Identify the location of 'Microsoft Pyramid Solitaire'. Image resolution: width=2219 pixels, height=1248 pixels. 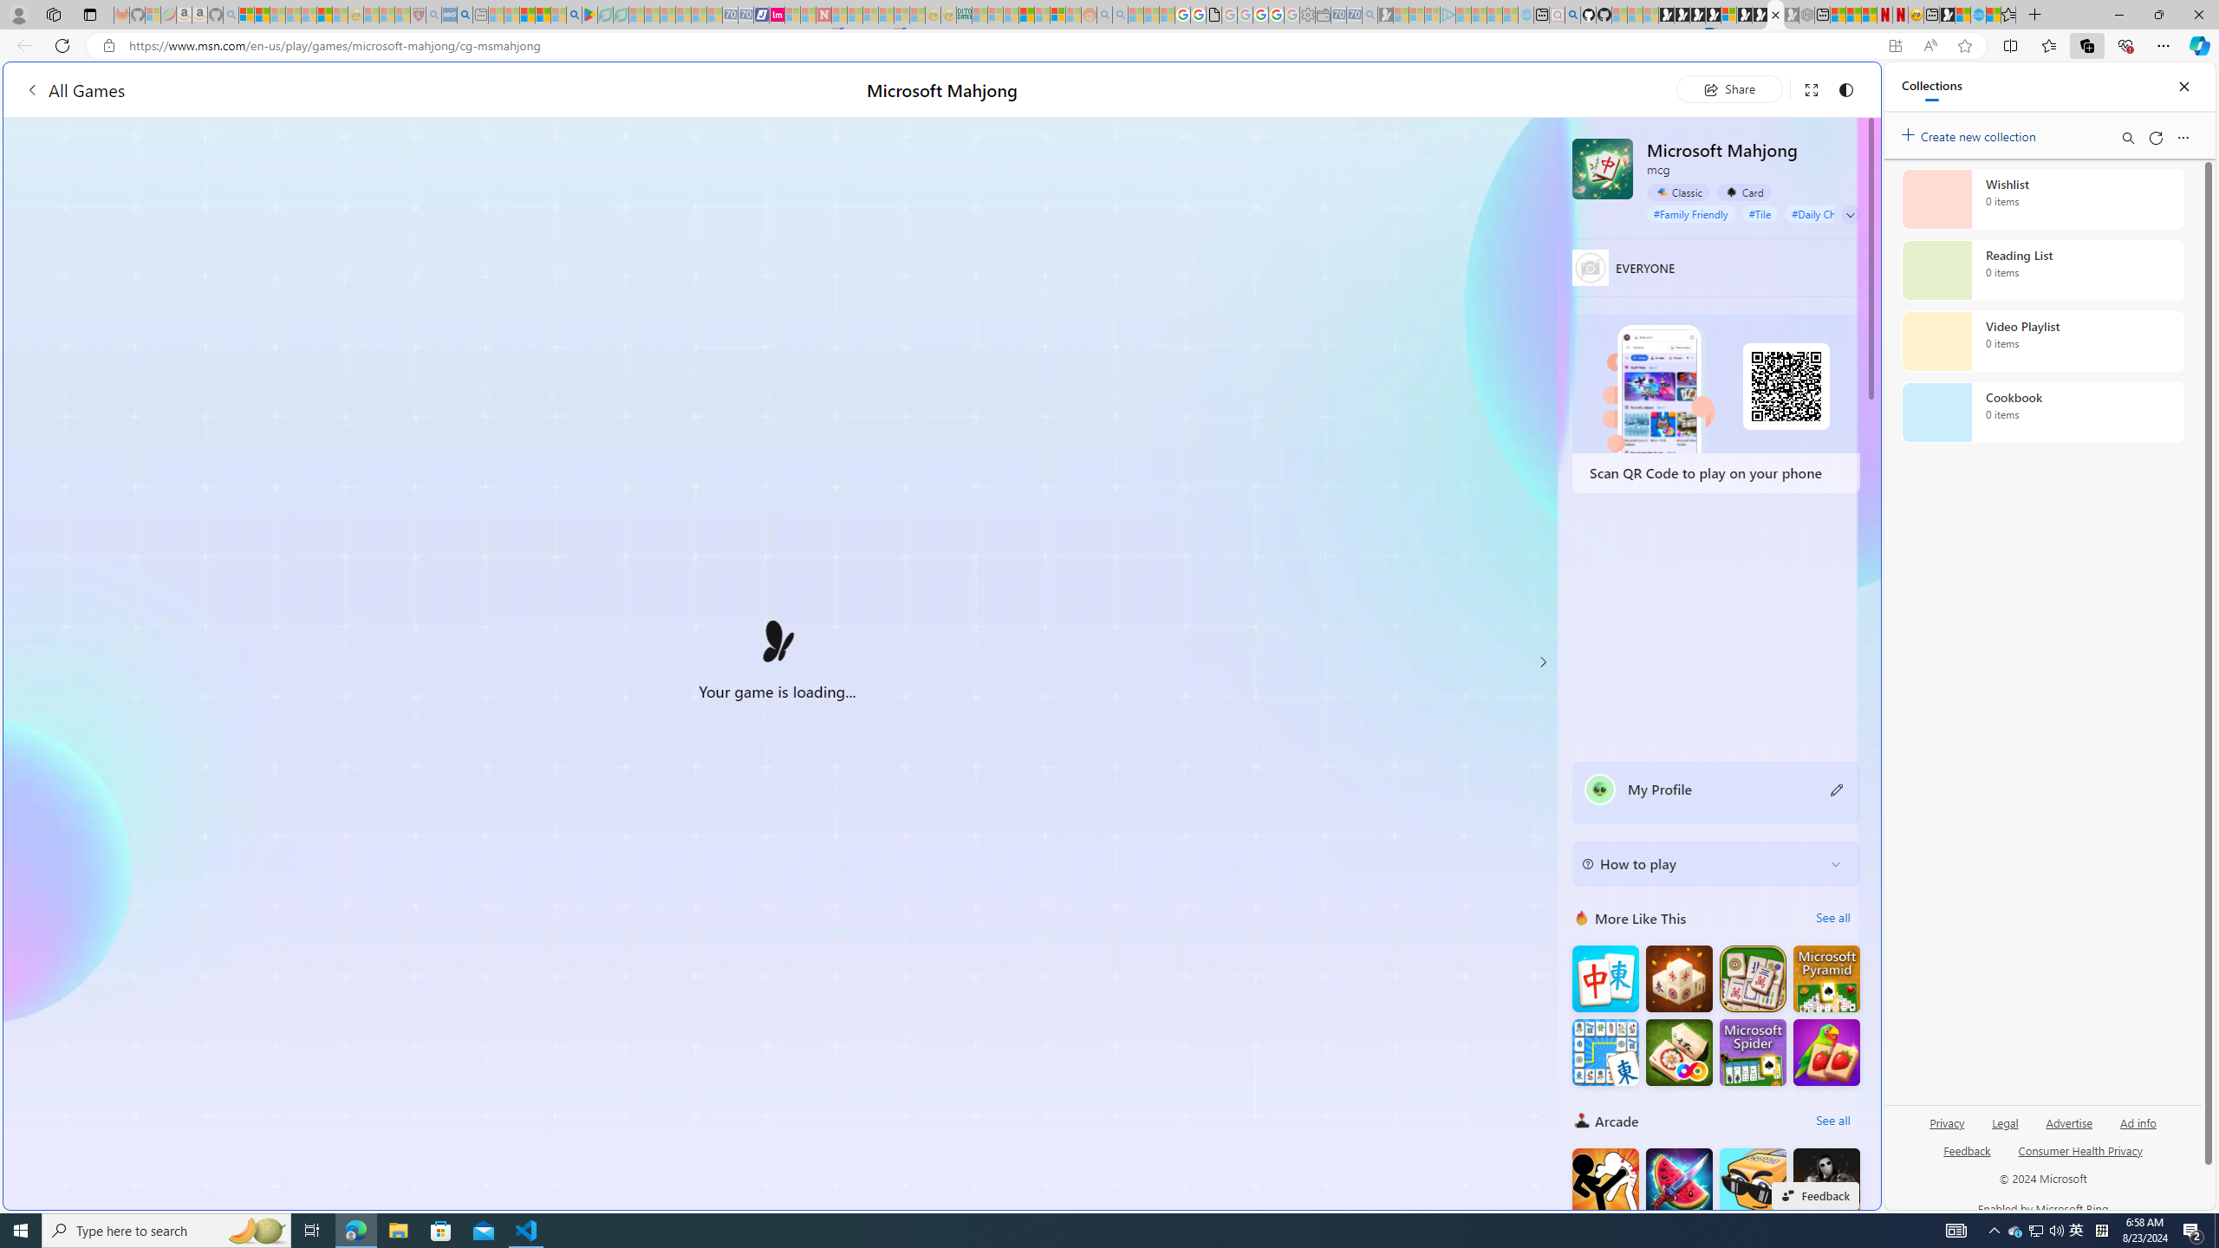
(1826, 978).